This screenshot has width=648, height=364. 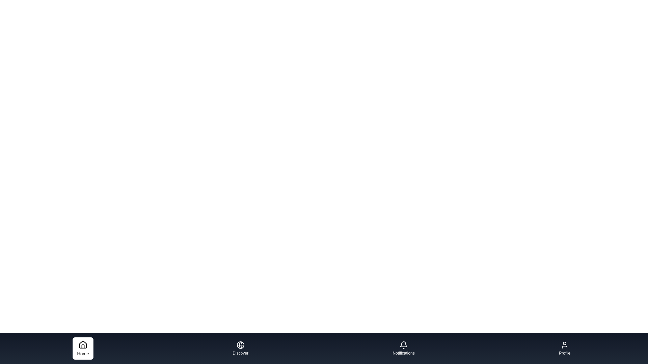 I want to click on the tab background of Discover, so click(x=240, y=348).